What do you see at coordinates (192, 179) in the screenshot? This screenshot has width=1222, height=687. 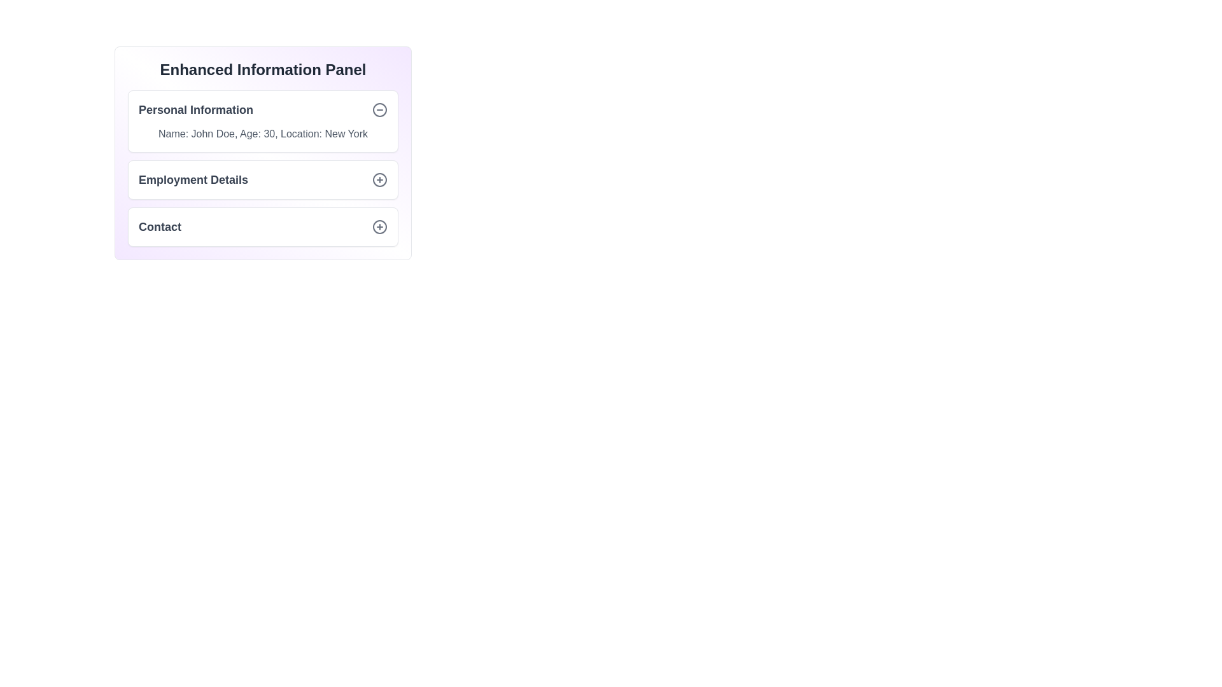 I see `text content of the 'Employment Details' label, which is a bold, dark gray header in the Enhanced Information Panel` at bounding box center [192, 179].